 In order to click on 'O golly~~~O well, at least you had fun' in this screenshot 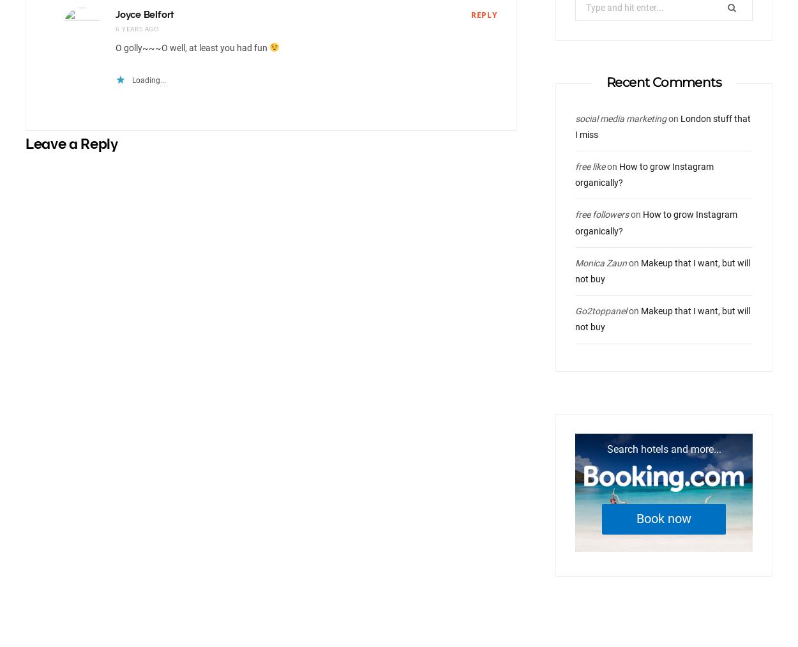, I will do `click(192, 47)`.